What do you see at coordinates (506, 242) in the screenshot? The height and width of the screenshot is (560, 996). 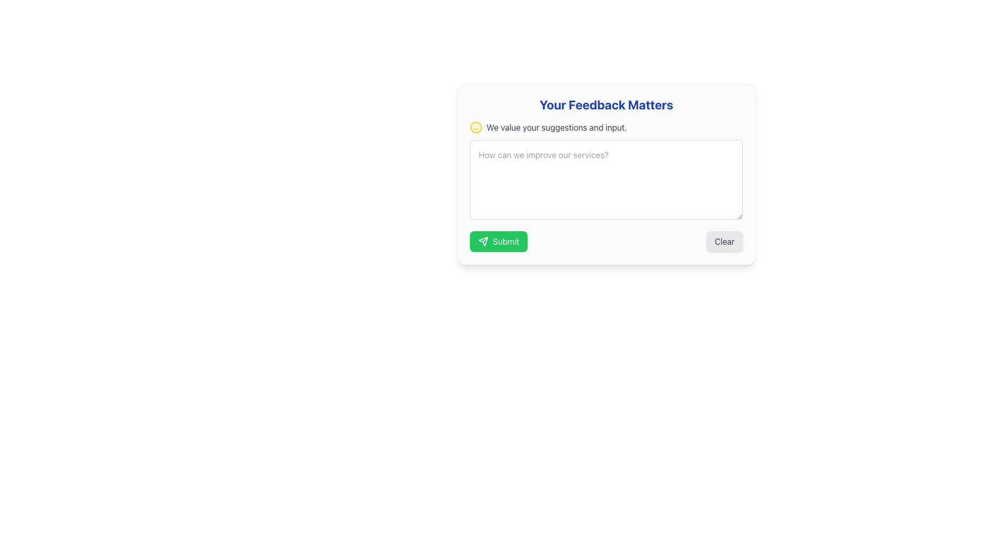 I see `the button labeled 'Submit' that contains the text 'Submit' to observe any hover effects` at bounding box center [506, 242].